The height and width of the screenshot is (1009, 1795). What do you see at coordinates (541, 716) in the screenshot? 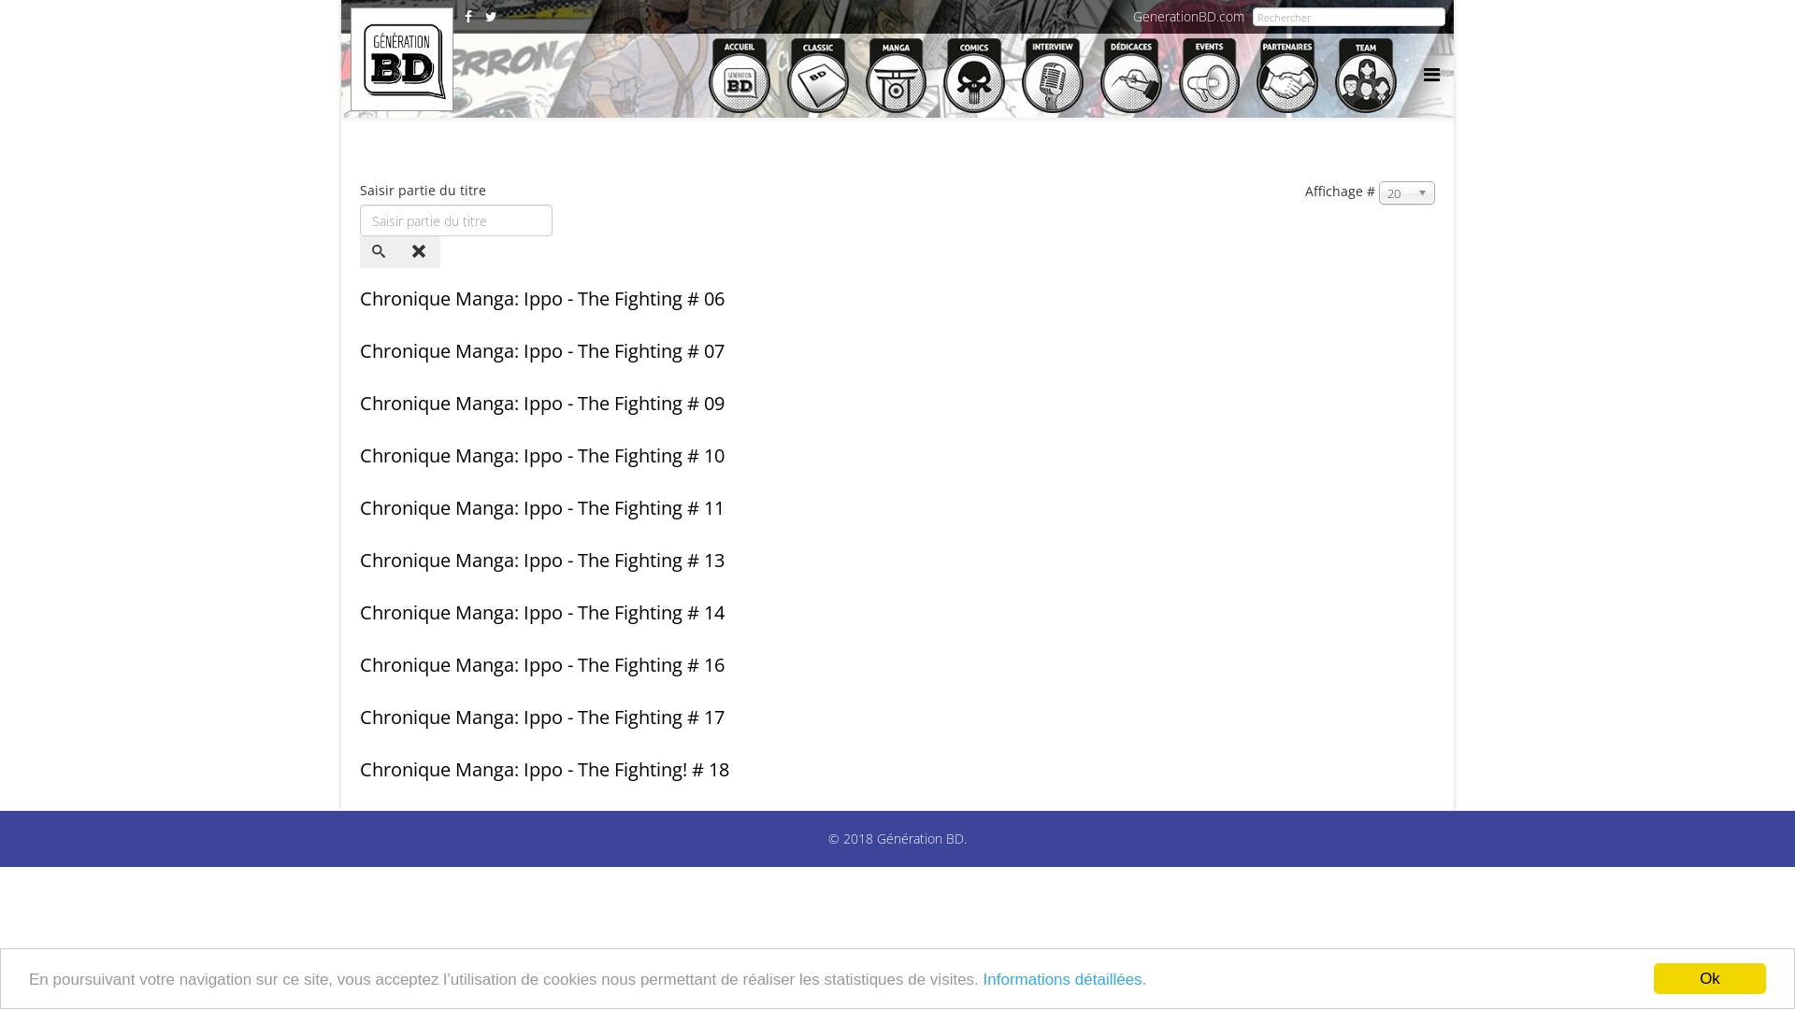
I see `'Chronique Manga: Ippo - The Fighting # 17'` at bounding box center [541, 716].